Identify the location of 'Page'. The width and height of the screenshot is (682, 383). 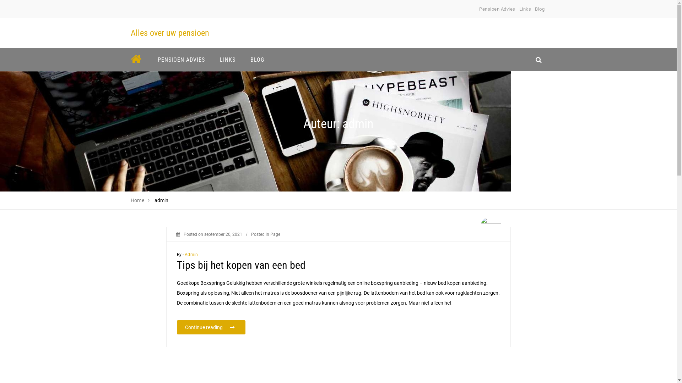
(274, 234).